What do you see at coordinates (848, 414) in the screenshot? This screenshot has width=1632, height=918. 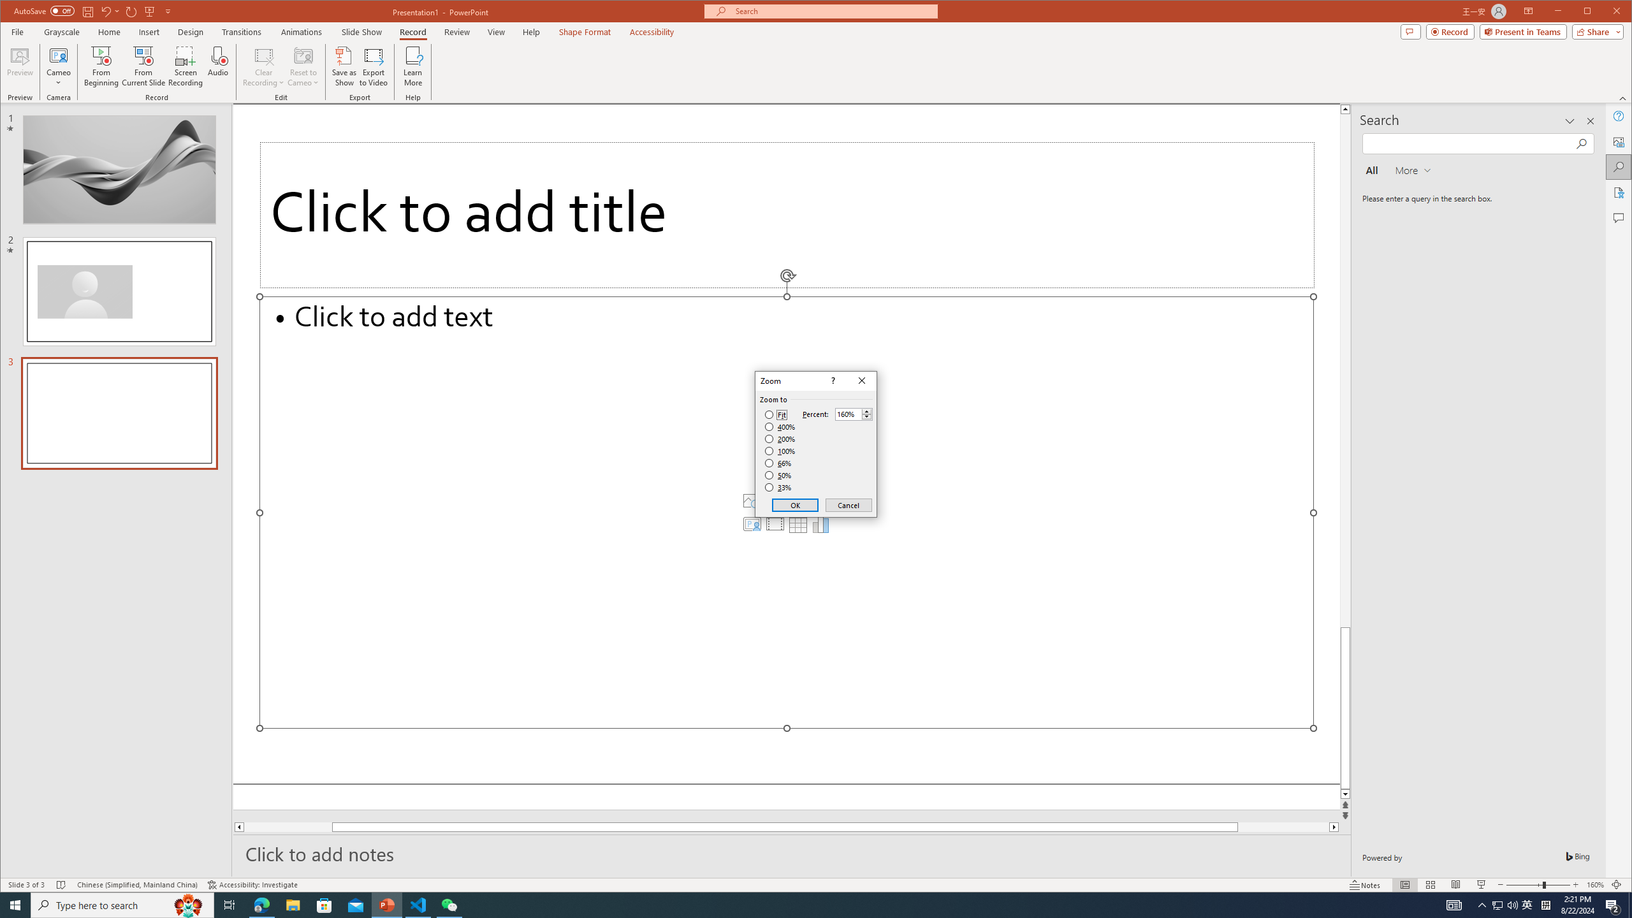 I see `'Percent'` at bounding box center [848, 414].